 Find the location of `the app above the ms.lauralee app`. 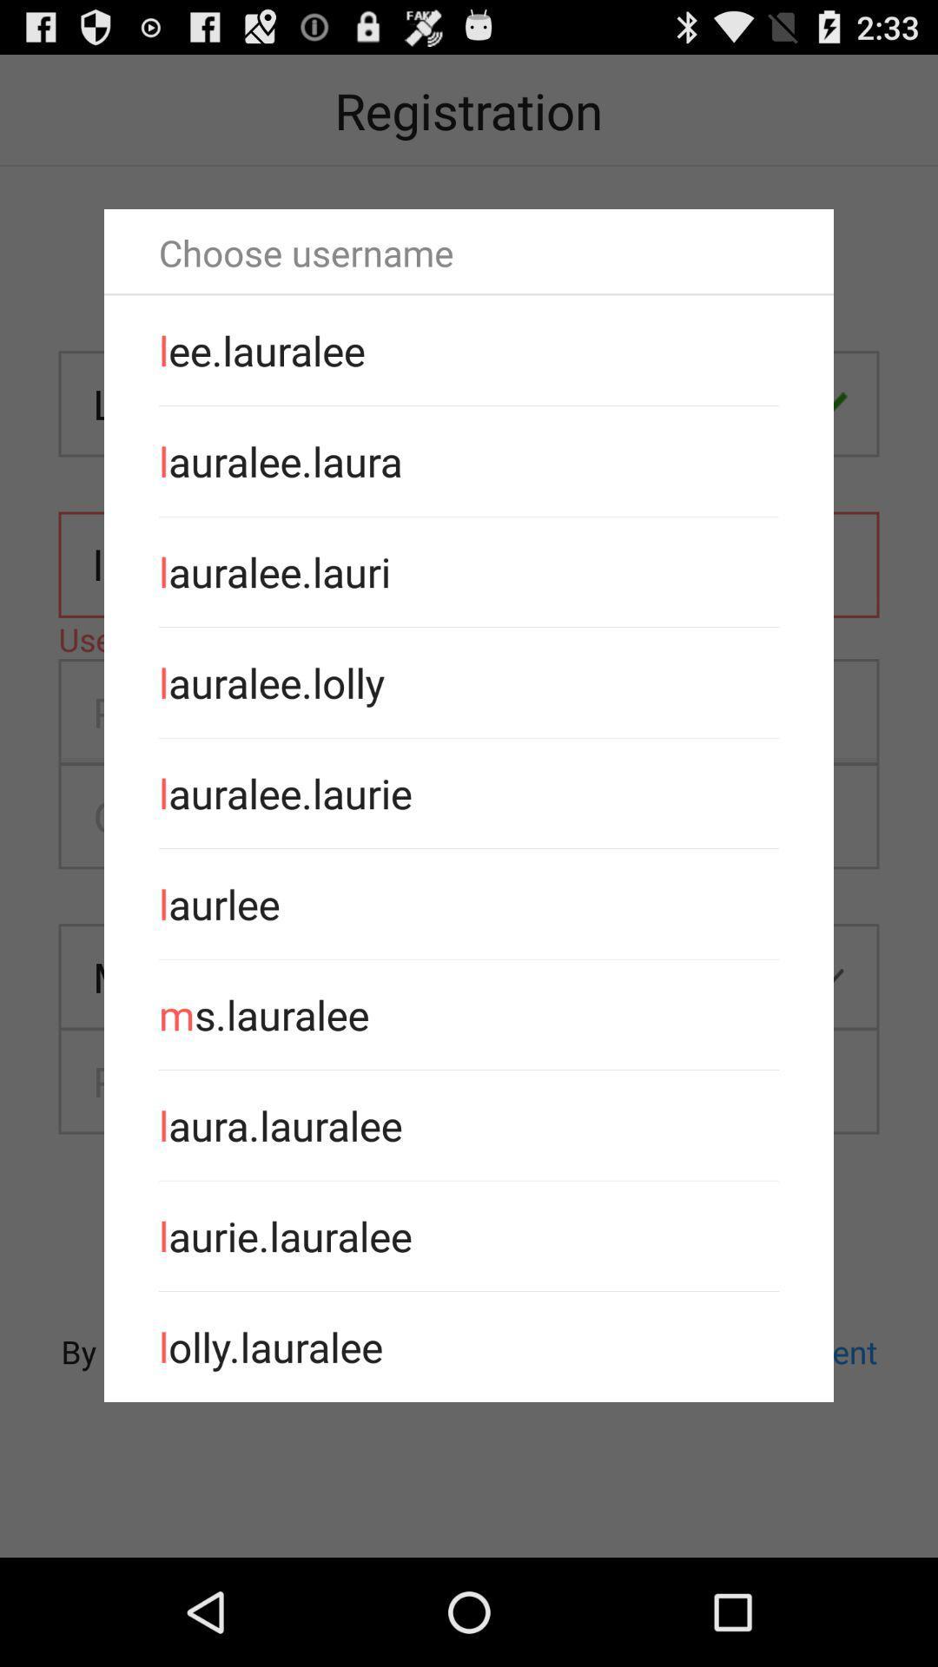

the app above the ms.lauralee app is located at coordinates (469, 903).